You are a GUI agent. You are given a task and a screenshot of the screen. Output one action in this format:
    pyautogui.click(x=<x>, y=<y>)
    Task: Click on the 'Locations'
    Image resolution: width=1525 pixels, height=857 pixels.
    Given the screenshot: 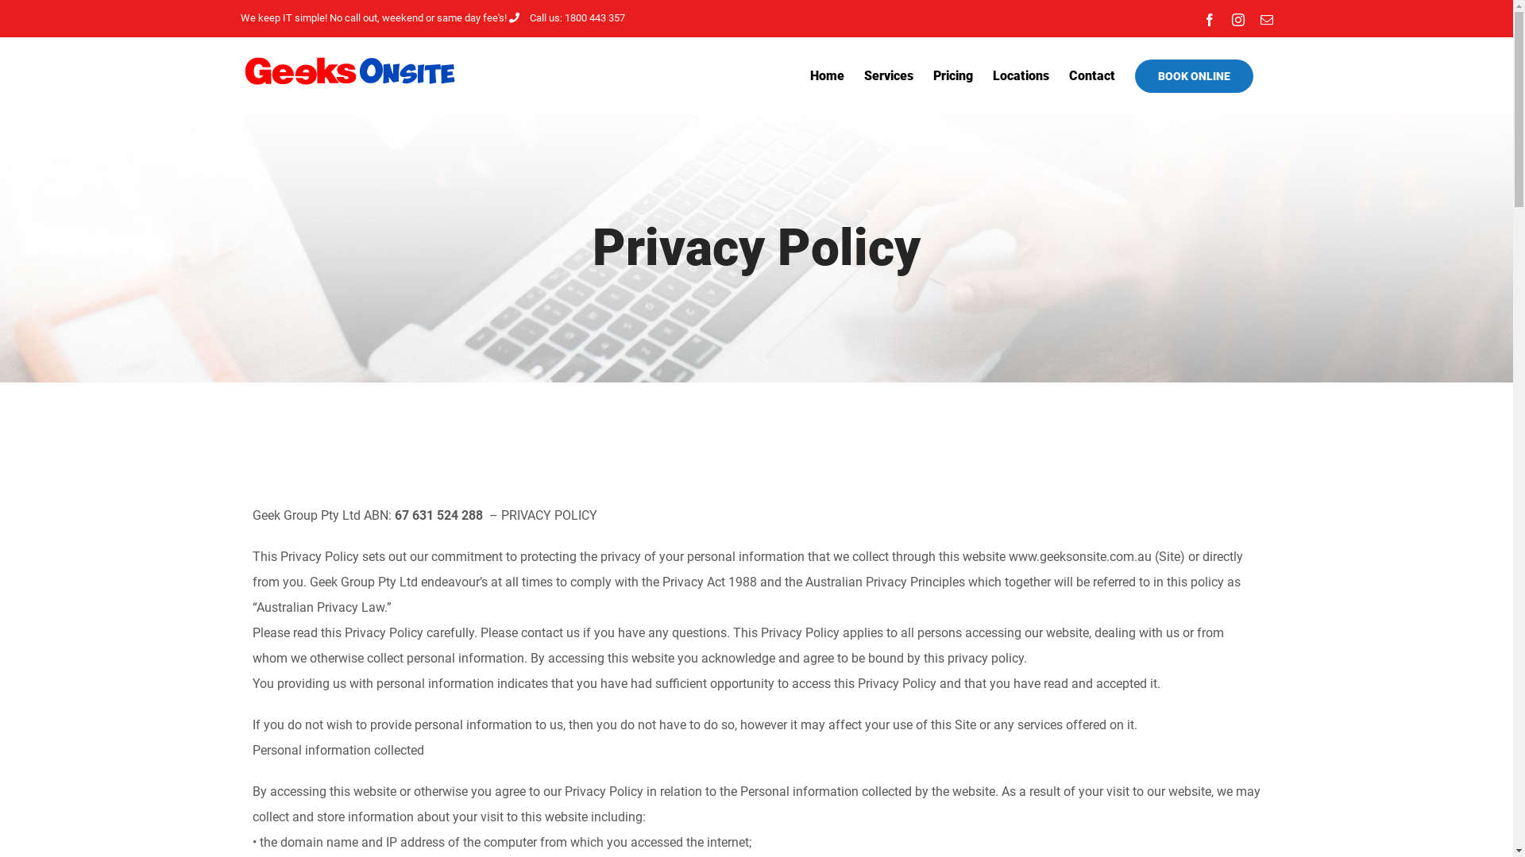 What is the action you would take?
    pyautogui.click(x=1021, y=75)
    